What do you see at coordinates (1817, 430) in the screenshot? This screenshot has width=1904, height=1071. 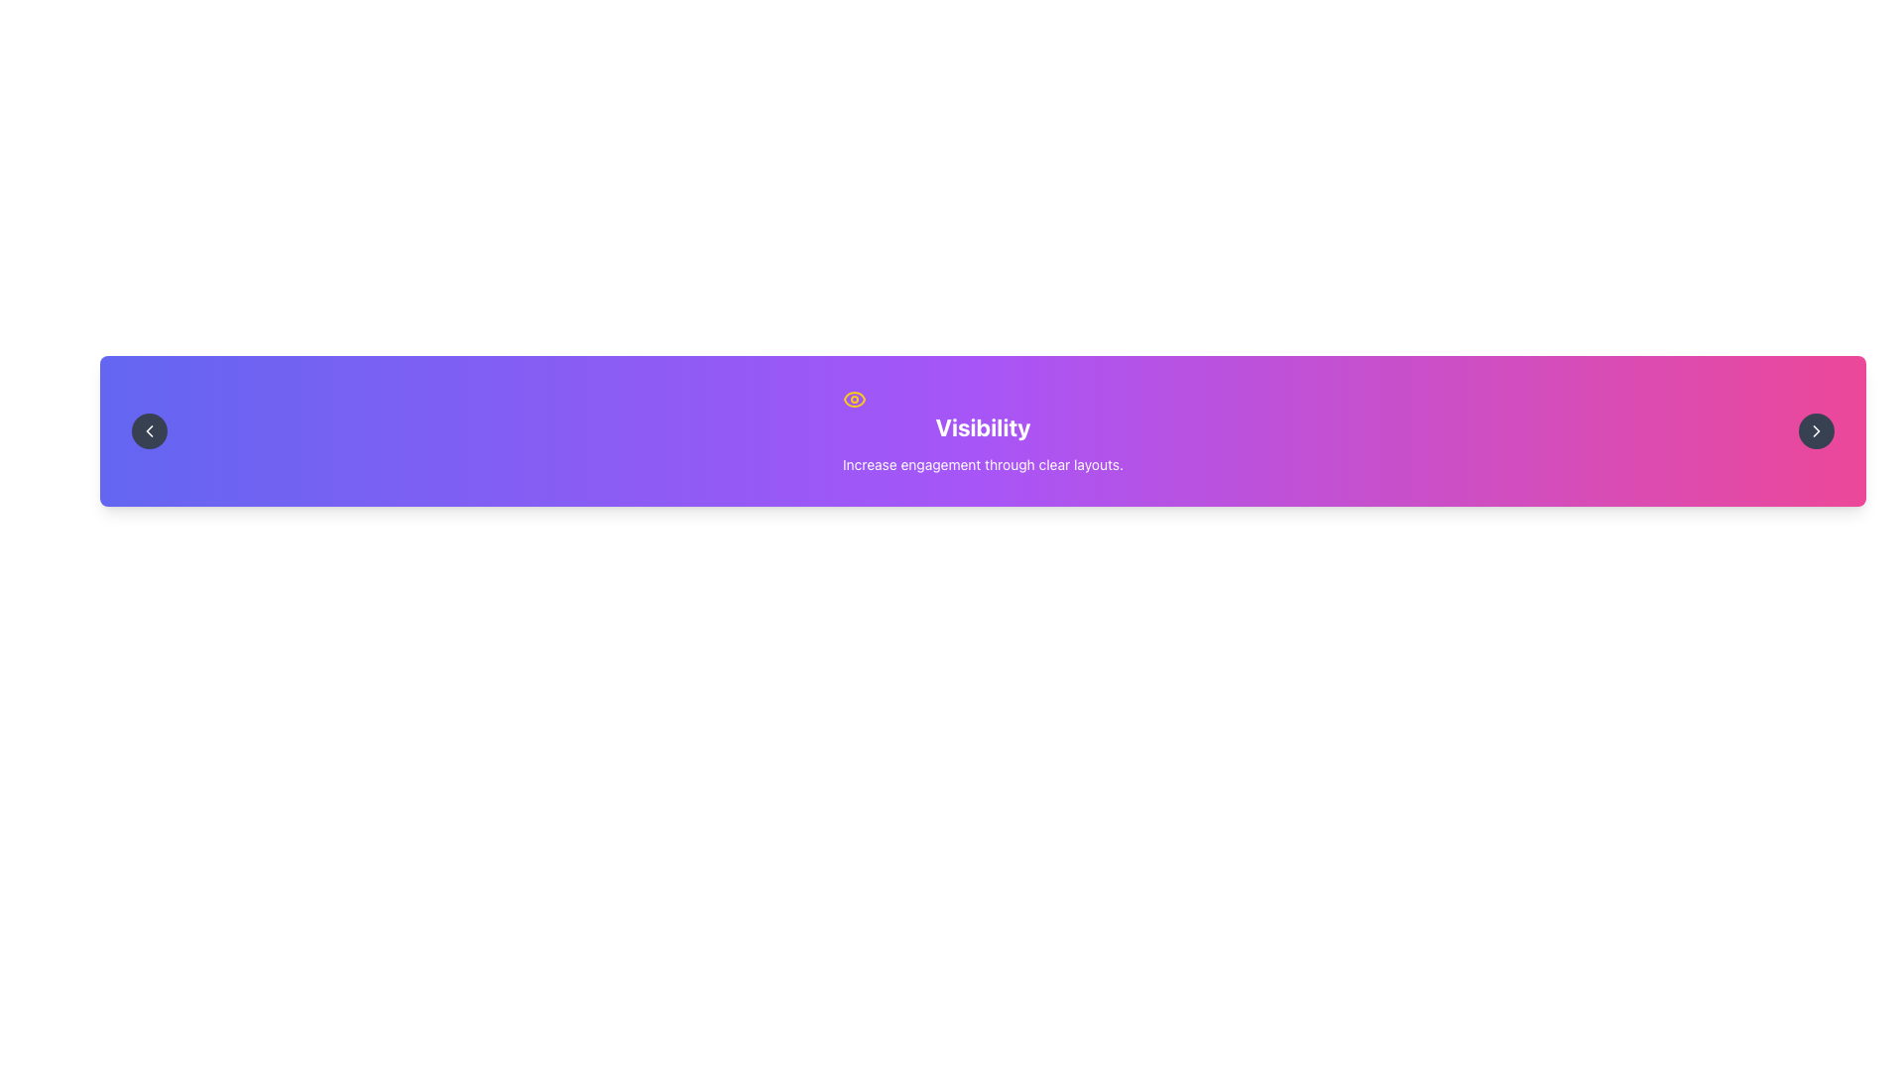 I see `the circular button with a dark gray background and a white right-pointing chevron icon` at bounding box center [1817, 430].